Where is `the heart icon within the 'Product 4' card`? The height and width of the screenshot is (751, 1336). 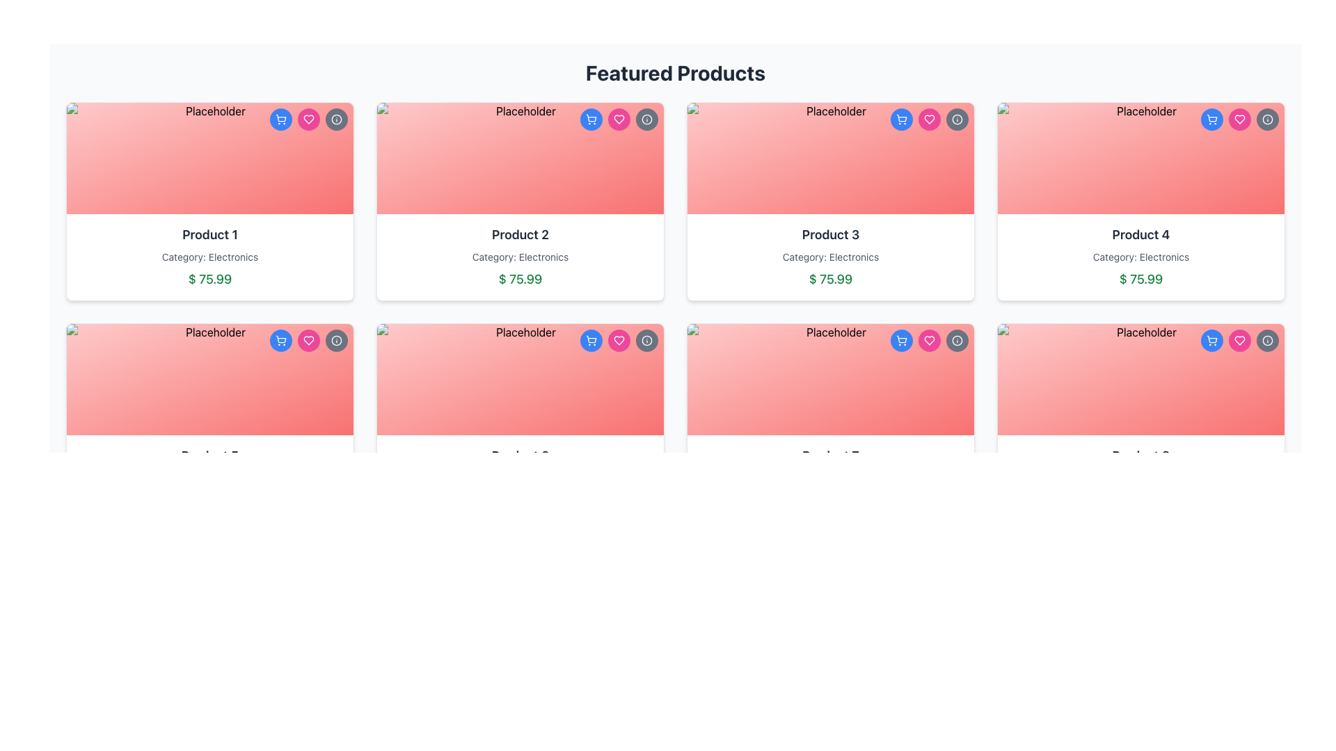 the heart icon within the 'Product 4' card is located at coordinates (1239, 340).